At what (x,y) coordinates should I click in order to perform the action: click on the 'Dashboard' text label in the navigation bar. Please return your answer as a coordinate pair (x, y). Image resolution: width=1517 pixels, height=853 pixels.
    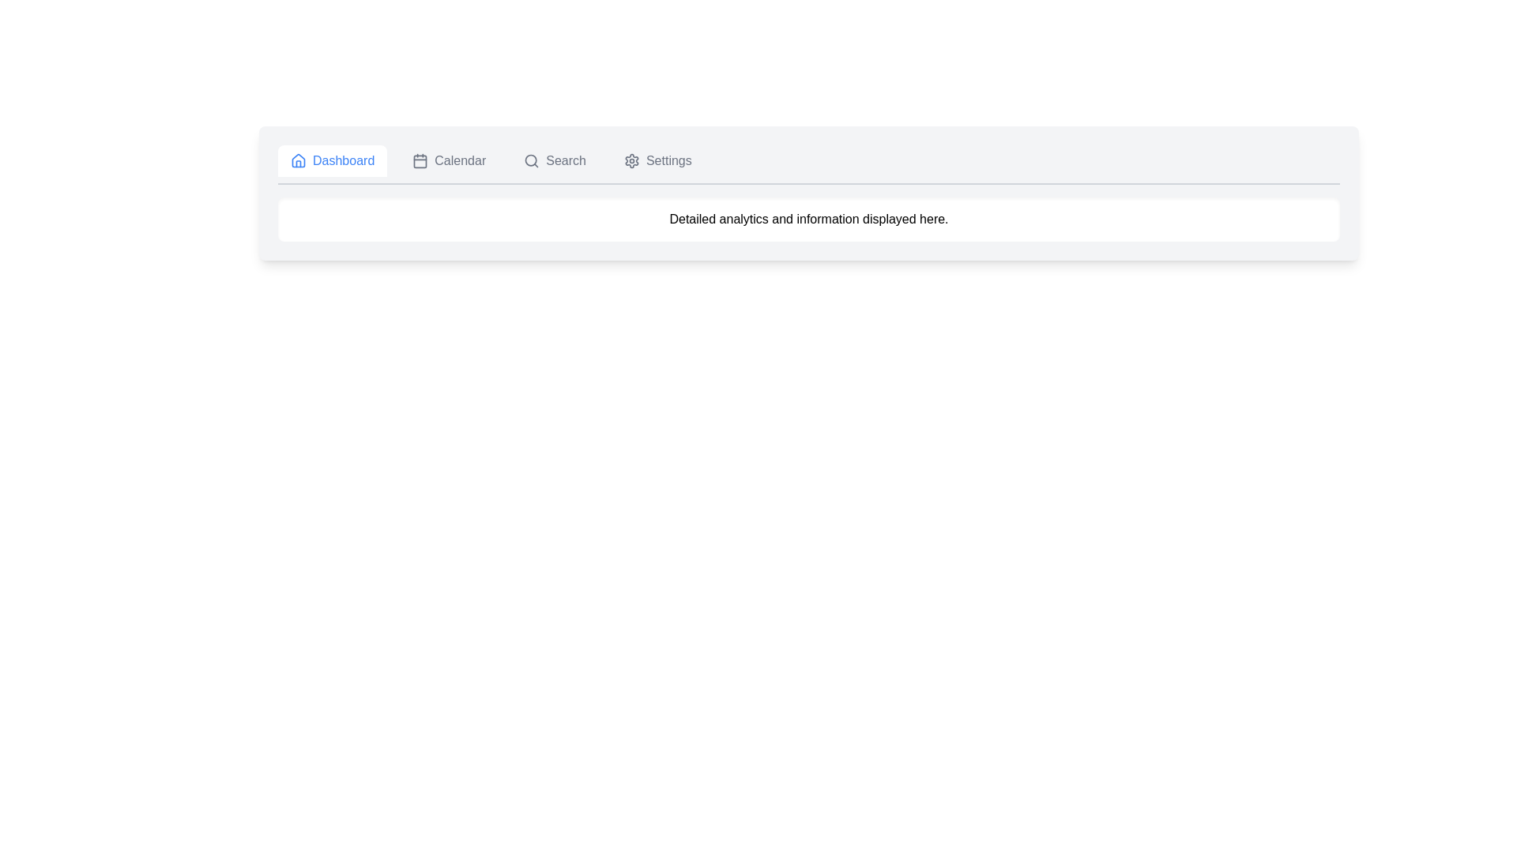
    Looking at the image, I should click on (343, 161).